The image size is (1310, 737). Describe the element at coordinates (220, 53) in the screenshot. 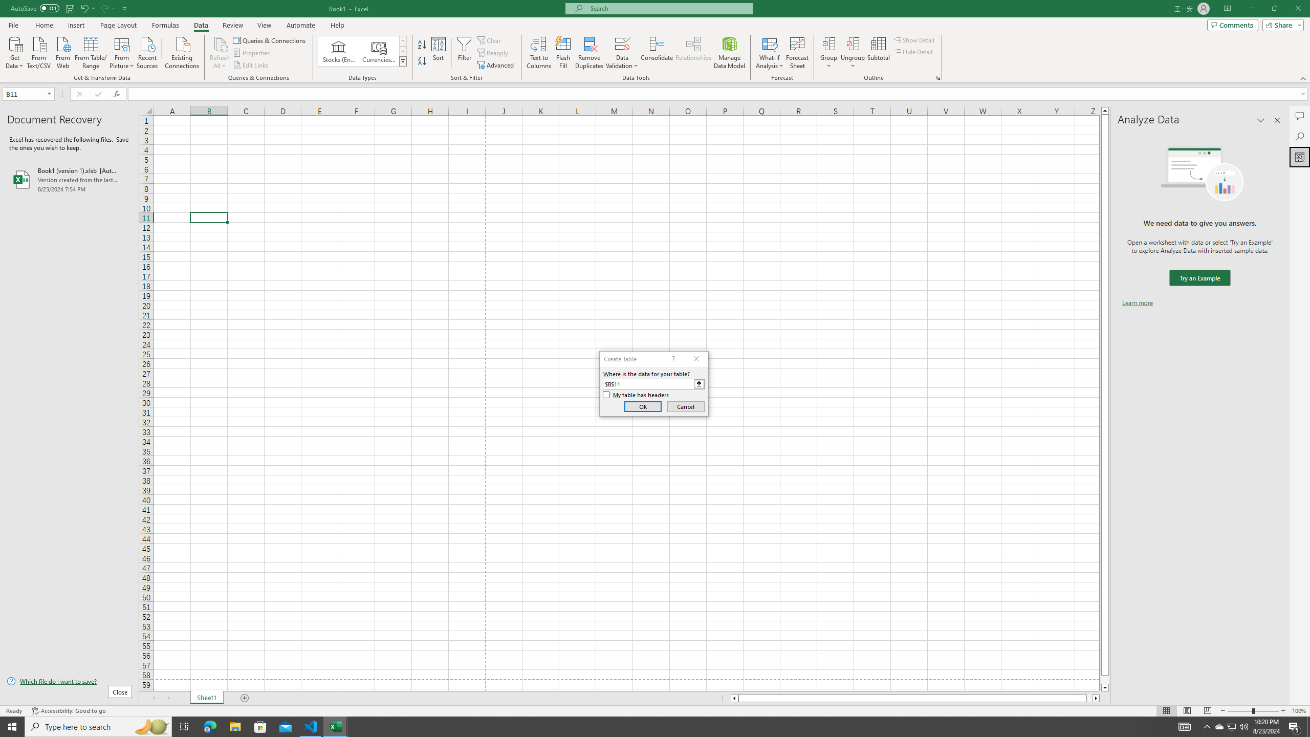

I see `'Refresh All'` at that location.